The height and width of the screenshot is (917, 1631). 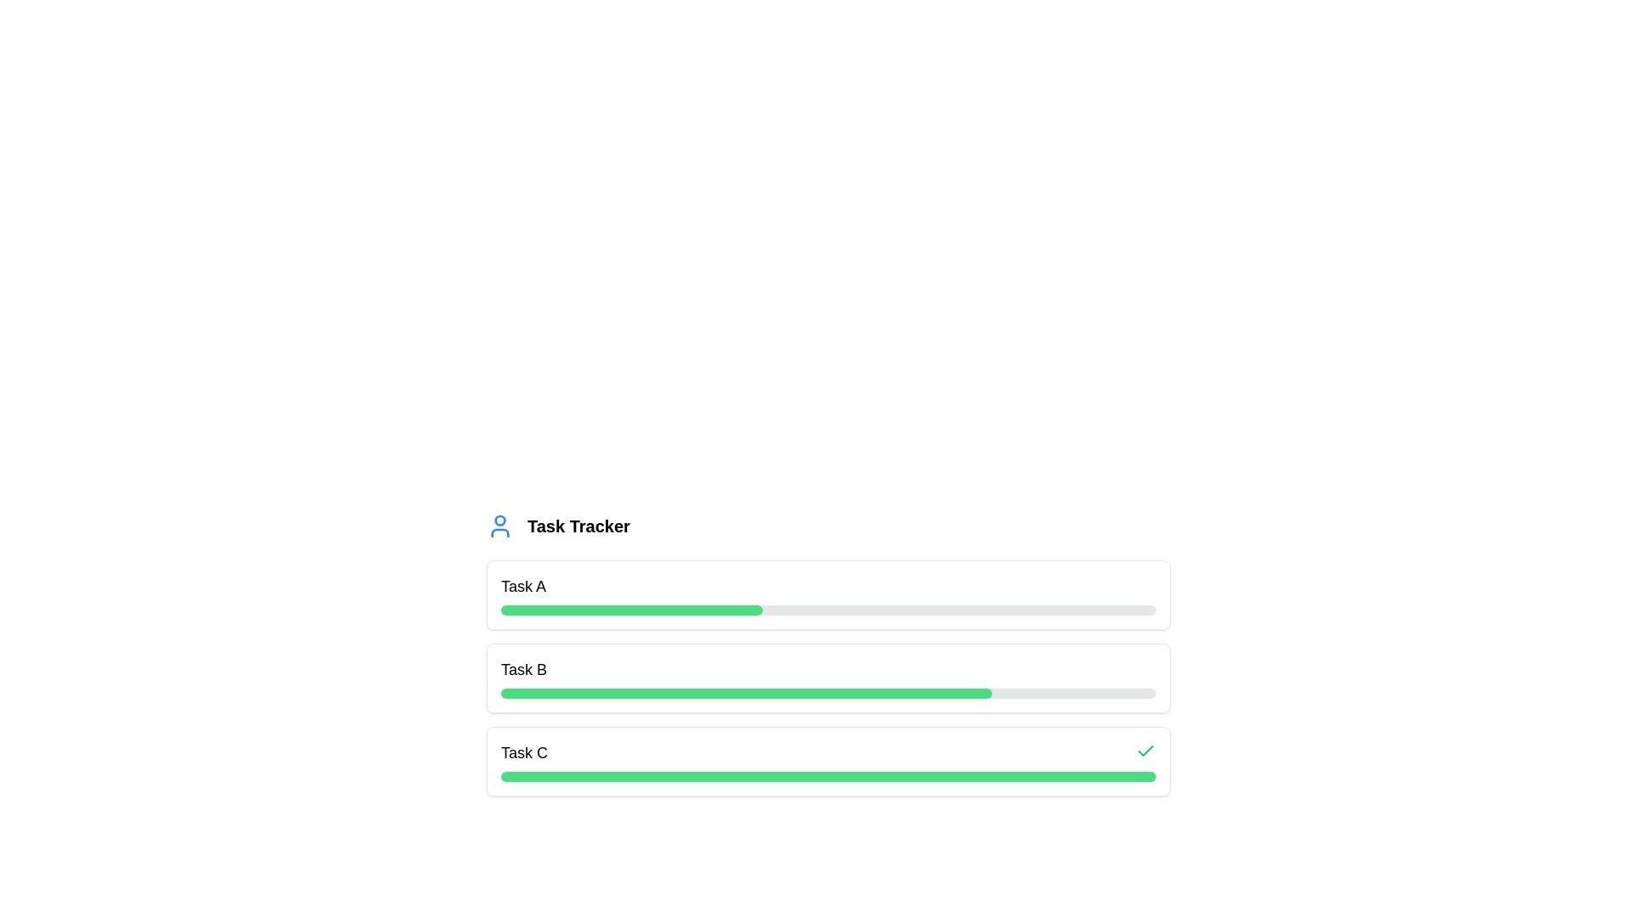 What do you see at coordinates (828, 677) in the screenshot?
I see `the progress visually on the second progress bar representing 'Task B' in the 'Task Tracker' section` at bounding box center [828, 677].